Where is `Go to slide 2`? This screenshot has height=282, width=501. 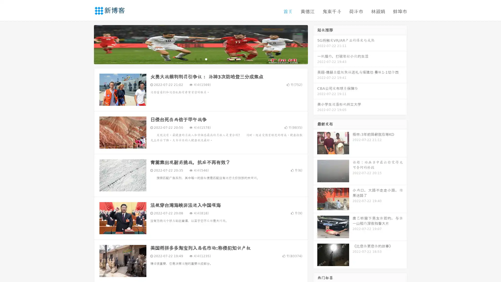 Go to slide 2 is located at coordinates (200, 59).